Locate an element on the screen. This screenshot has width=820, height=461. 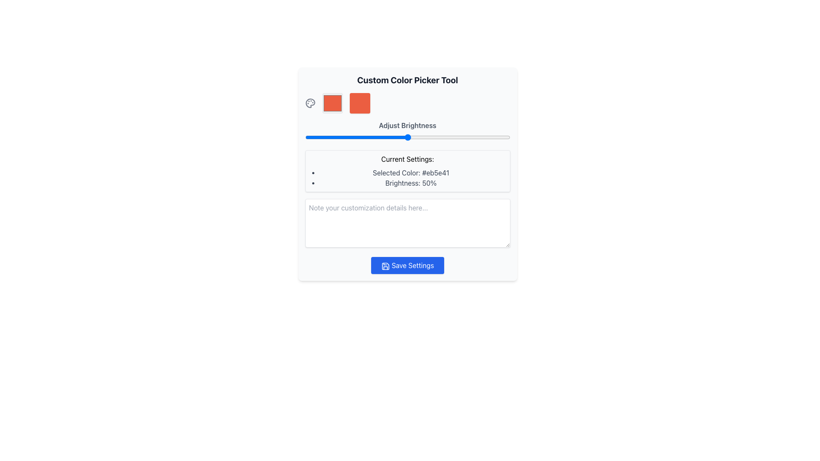
the 'Save Settings' button with a blue background and white text is located at coordinates (407, 265).